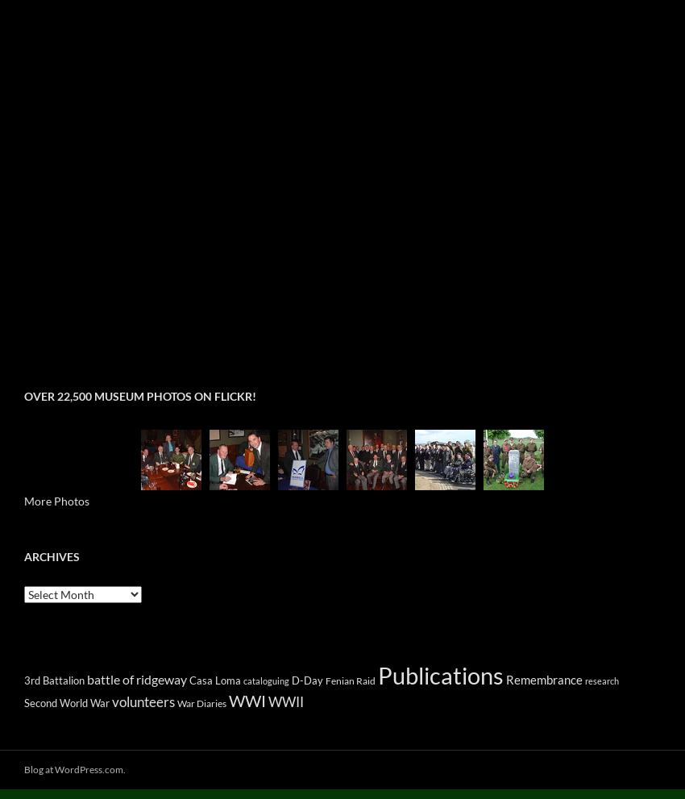 This screenshot has height=799, width=685. I want to click on 'Archives', so click(23, 556).